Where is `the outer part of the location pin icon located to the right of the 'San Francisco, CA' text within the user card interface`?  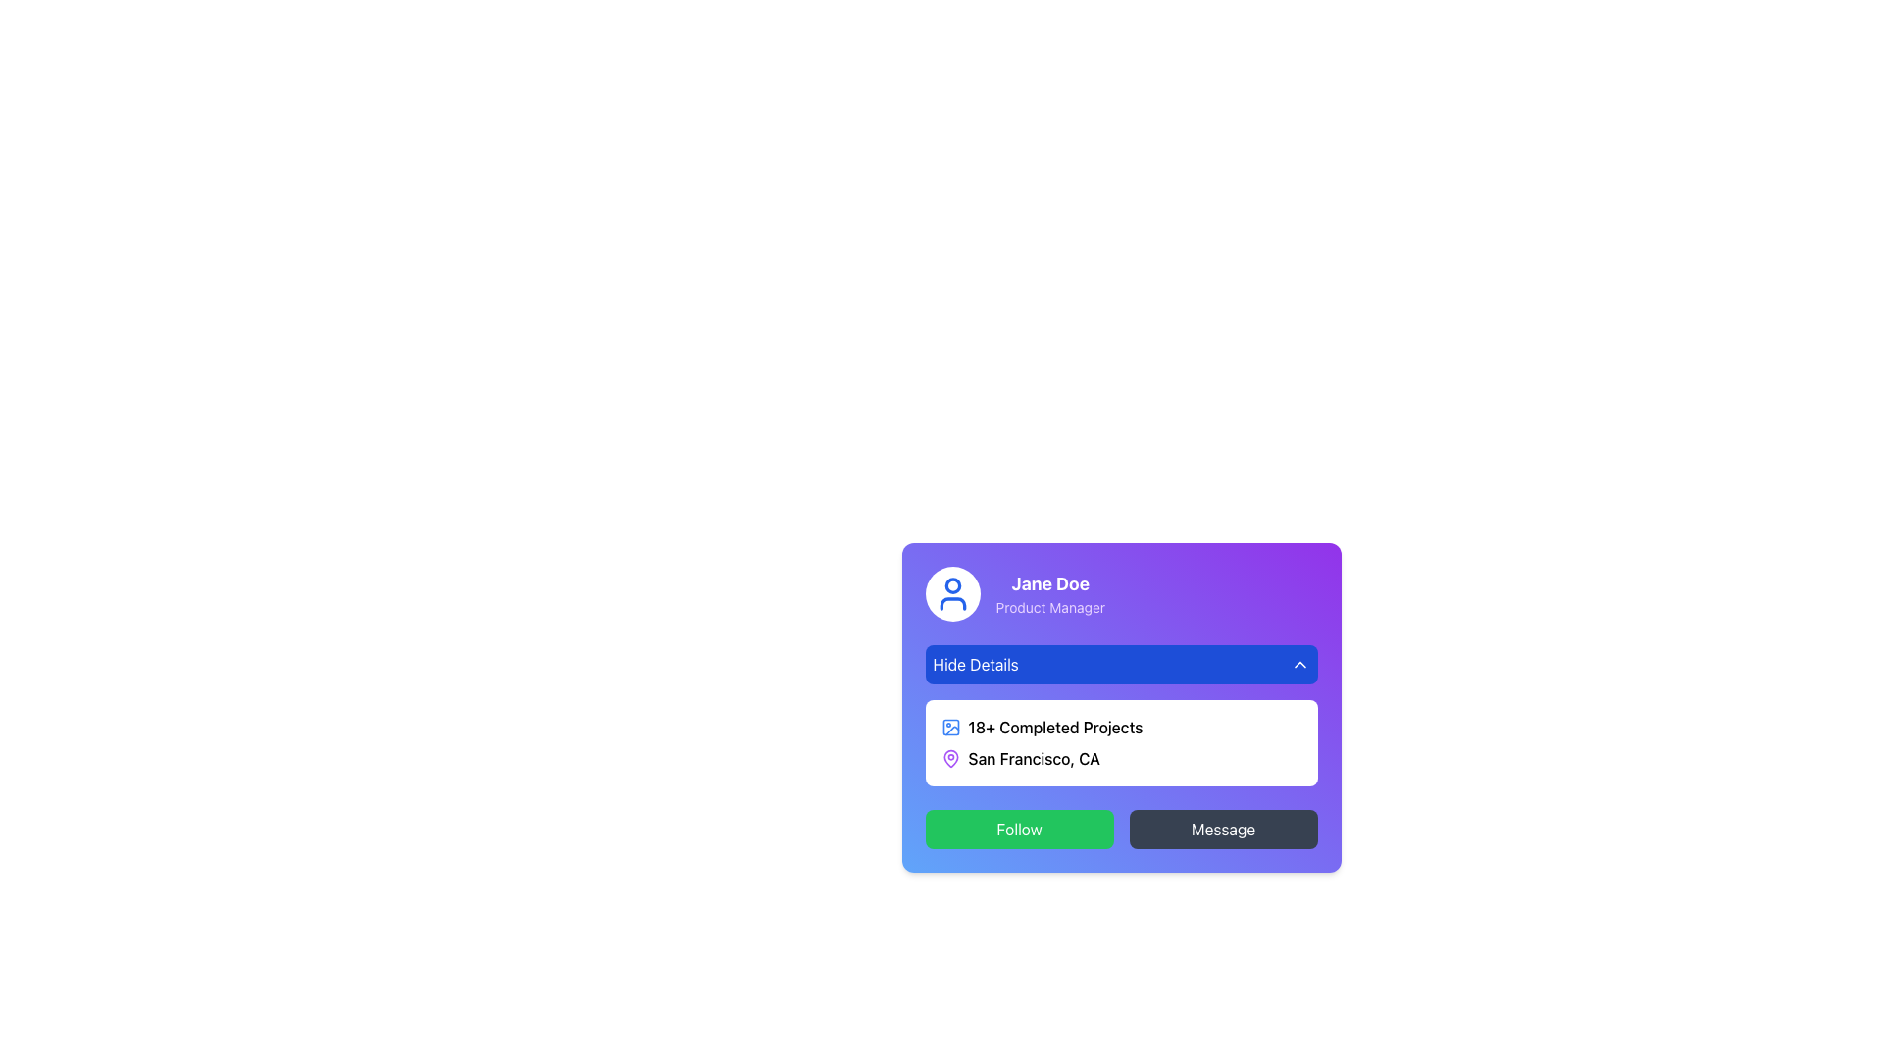 the outer part of the location pin icon located to the right of the 'San Francisco, CA' text within the user card interface is located at coordinates (950, 758).